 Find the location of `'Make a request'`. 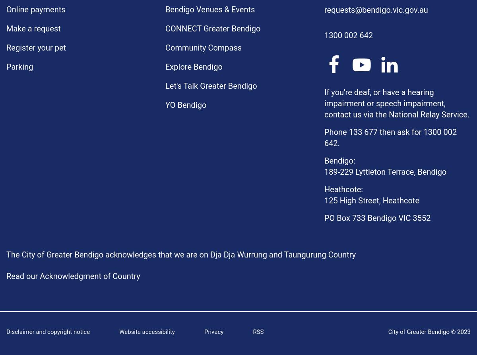

'Make a request' is located at coordinates (33, 28).